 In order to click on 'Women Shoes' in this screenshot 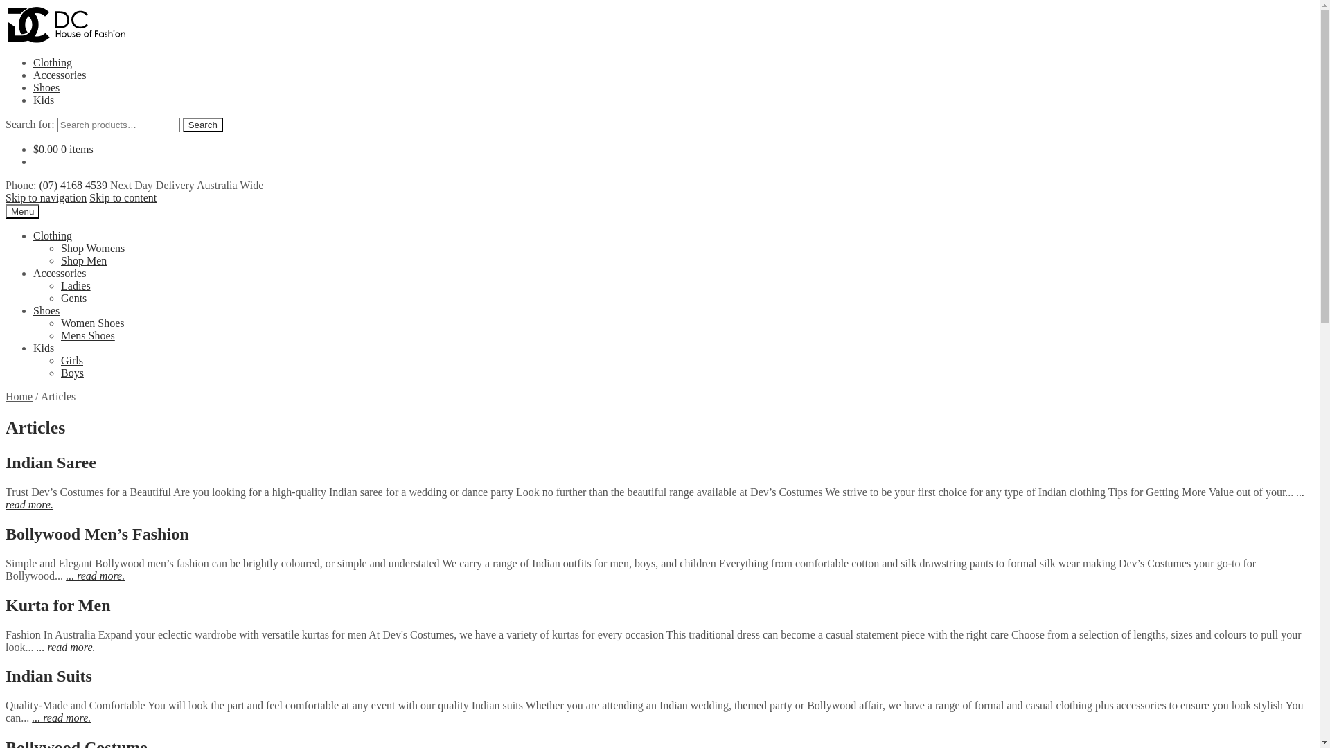, I will do `click(60, 323)`.